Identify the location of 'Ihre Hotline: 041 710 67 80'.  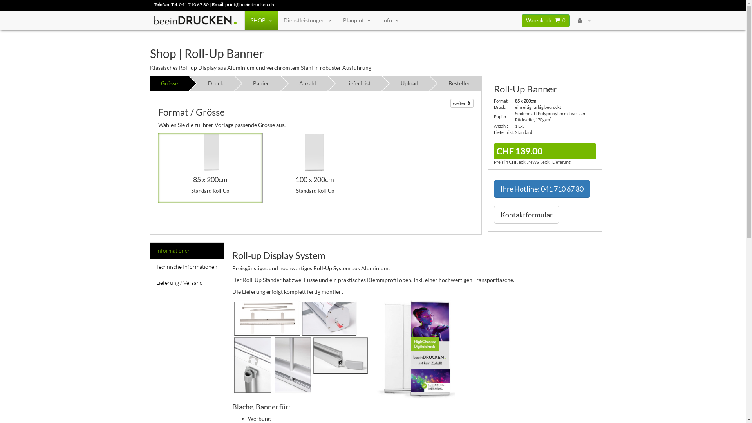
(541, 189).